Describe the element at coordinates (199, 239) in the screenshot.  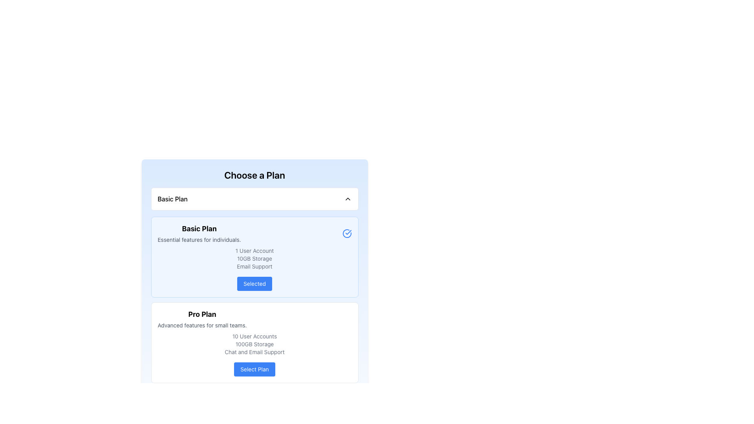
I see `the descriptive subtitle text label that provides additional information about the 'Basic Plan,' located below the title 'Basic Plan' in the card-like structure` at that location.